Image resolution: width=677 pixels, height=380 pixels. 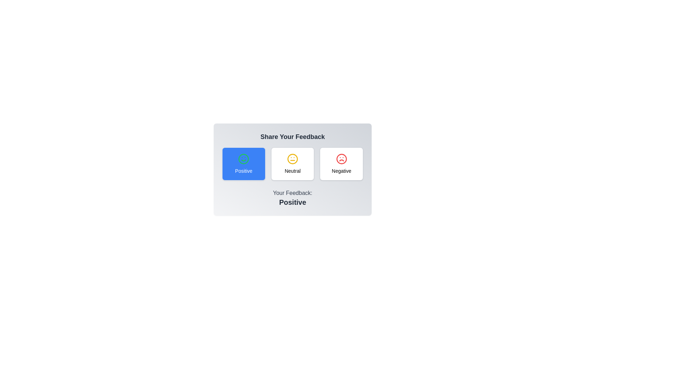 What do you see at coordinates (244, 164) in the screenshot?
I see `the feedback option Positive for accessibility testing` at bounding box center [244, 164].